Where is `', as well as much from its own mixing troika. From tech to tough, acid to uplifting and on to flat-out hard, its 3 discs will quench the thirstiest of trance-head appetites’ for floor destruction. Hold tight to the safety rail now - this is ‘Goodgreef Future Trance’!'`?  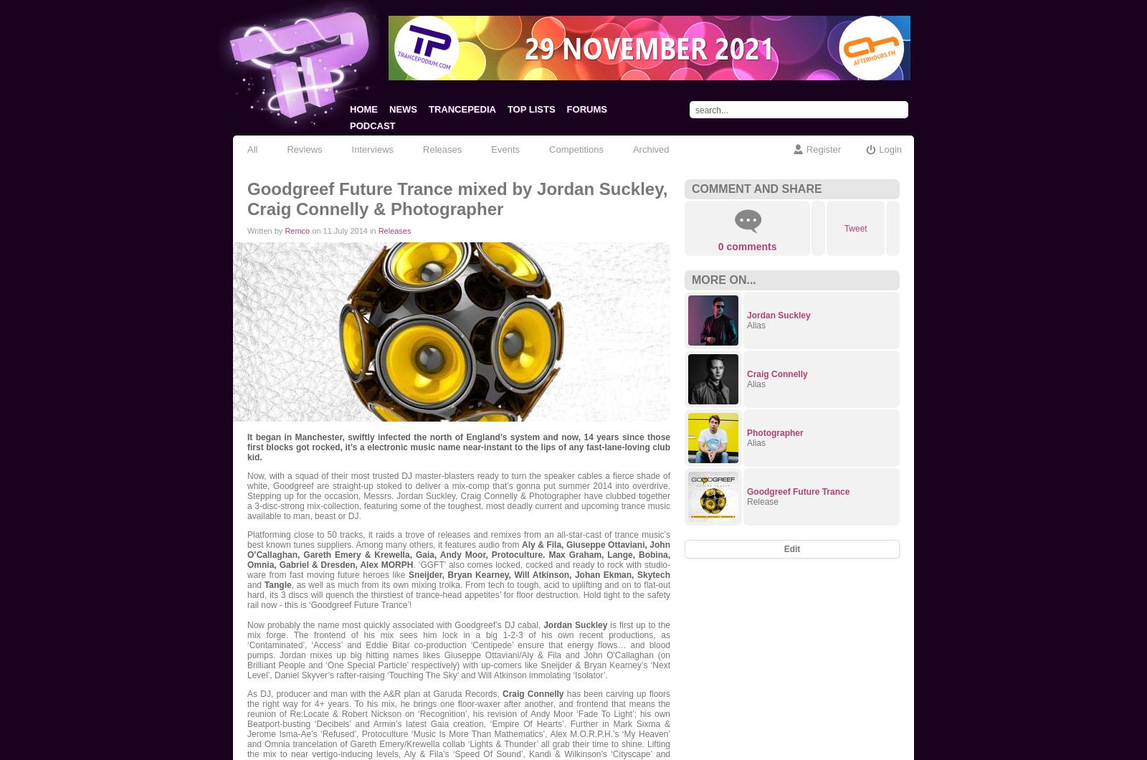
', as well as much from its own mixing troika. From tech to tough, acid to uplifting and on to flat-out hard, its 3 discs will quench the thirstiest of trance-head appetites’ for floor destruction. Hold tight to the safety rail now - this is ‘Goodgreef Future Trance’!' is located at coordinates (459, 594).